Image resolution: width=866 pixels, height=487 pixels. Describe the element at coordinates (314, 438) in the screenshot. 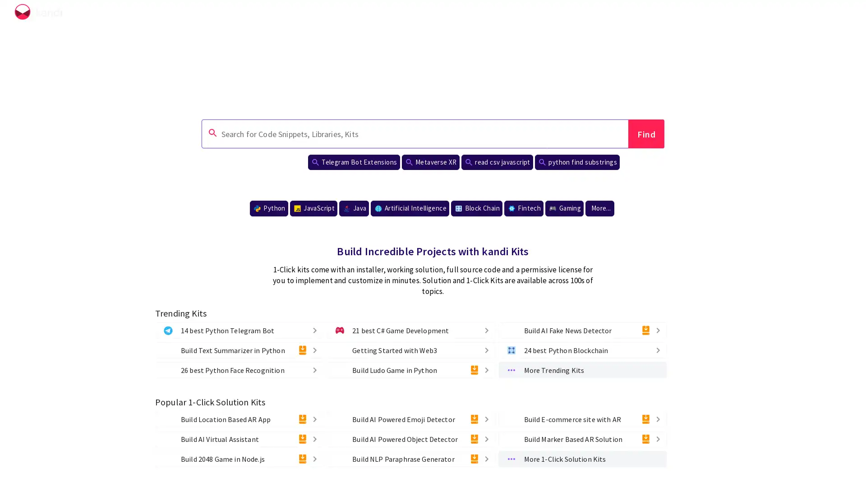

I see `delete` at that location.